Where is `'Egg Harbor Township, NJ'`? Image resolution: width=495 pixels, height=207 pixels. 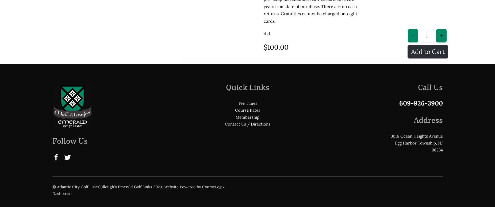 'Egg Harbor Township, NJ' is located at coordinates (394, 99).